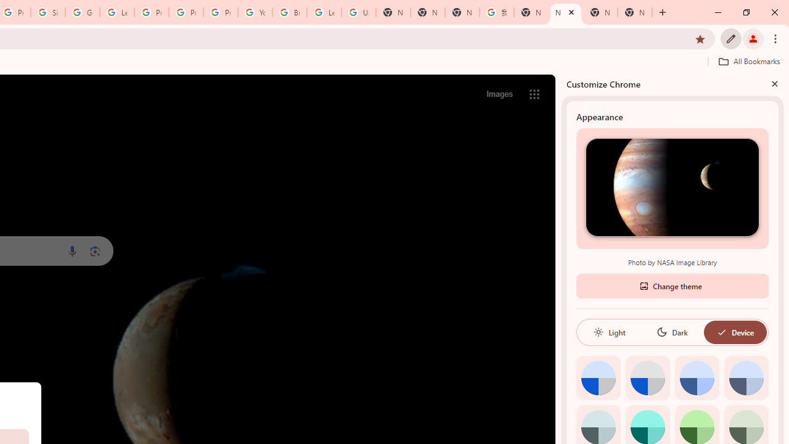 The width and height of the screenshot is (789, 444). I want to click on 'Dark', so click(671, 331).